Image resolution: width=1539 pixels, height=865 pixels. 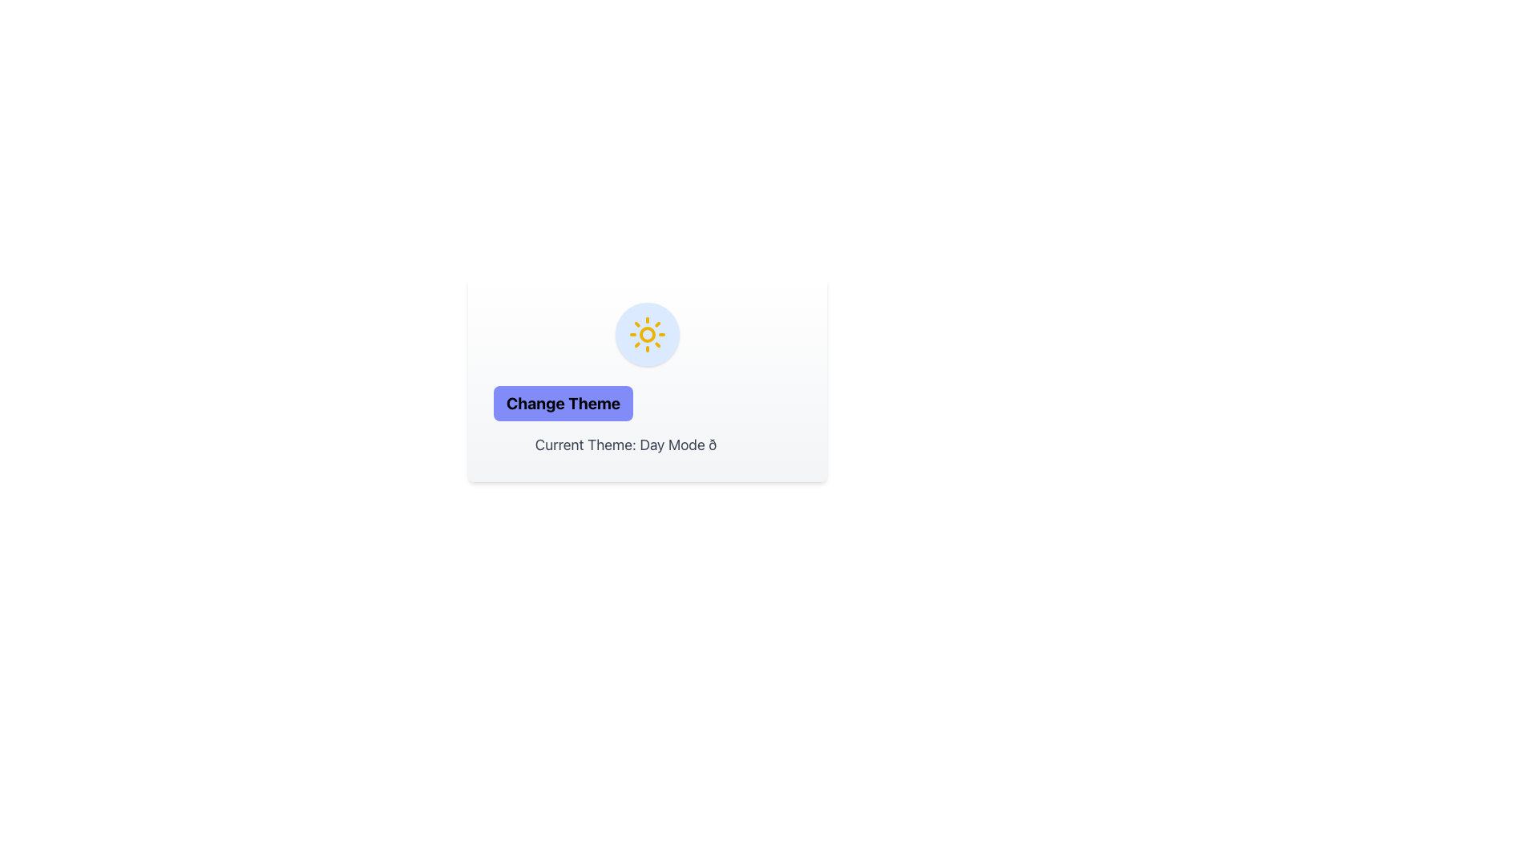 What do you see at coordinates (647, 333) in the screenshot?
I see `the graphic icon representing daylight, which is a circular button with a light blue background and a yellow sun icon at its center, located above the 'Change Theme' button` at bounding box center [647, 333].